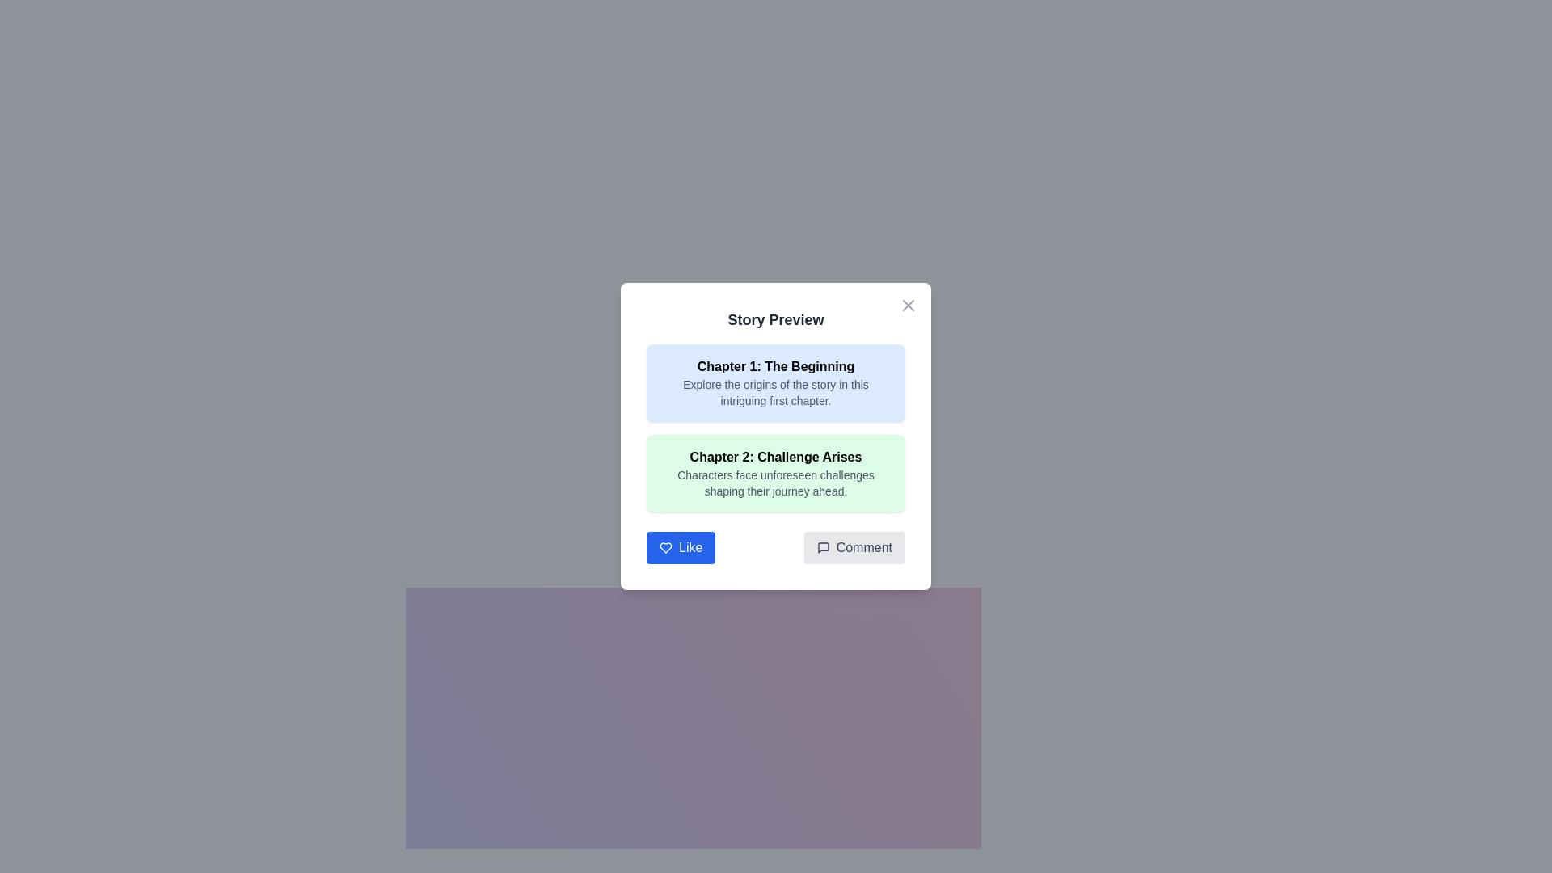 This screenshot has height=873, width=1552. I want to click on text label that says 'Comment' within the button located at the bottom-right corner of the dialog box, so click(863, 547).